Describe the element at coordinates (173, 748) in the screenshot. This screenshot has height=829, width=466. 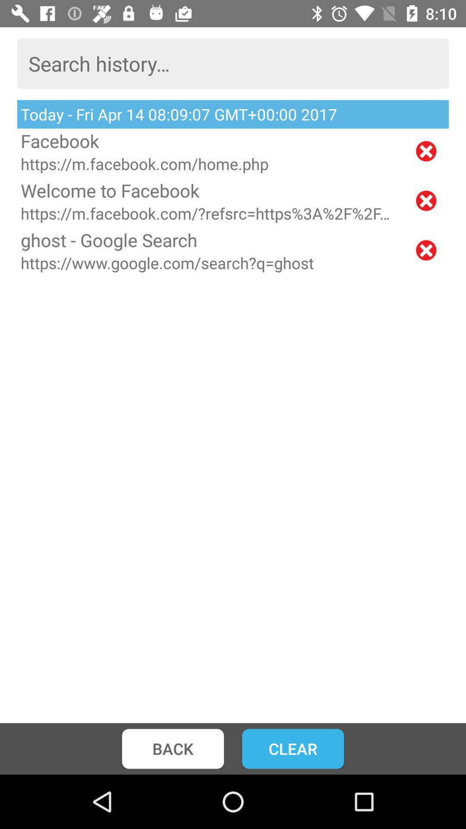
I see `item below the https www google icon` at that location.